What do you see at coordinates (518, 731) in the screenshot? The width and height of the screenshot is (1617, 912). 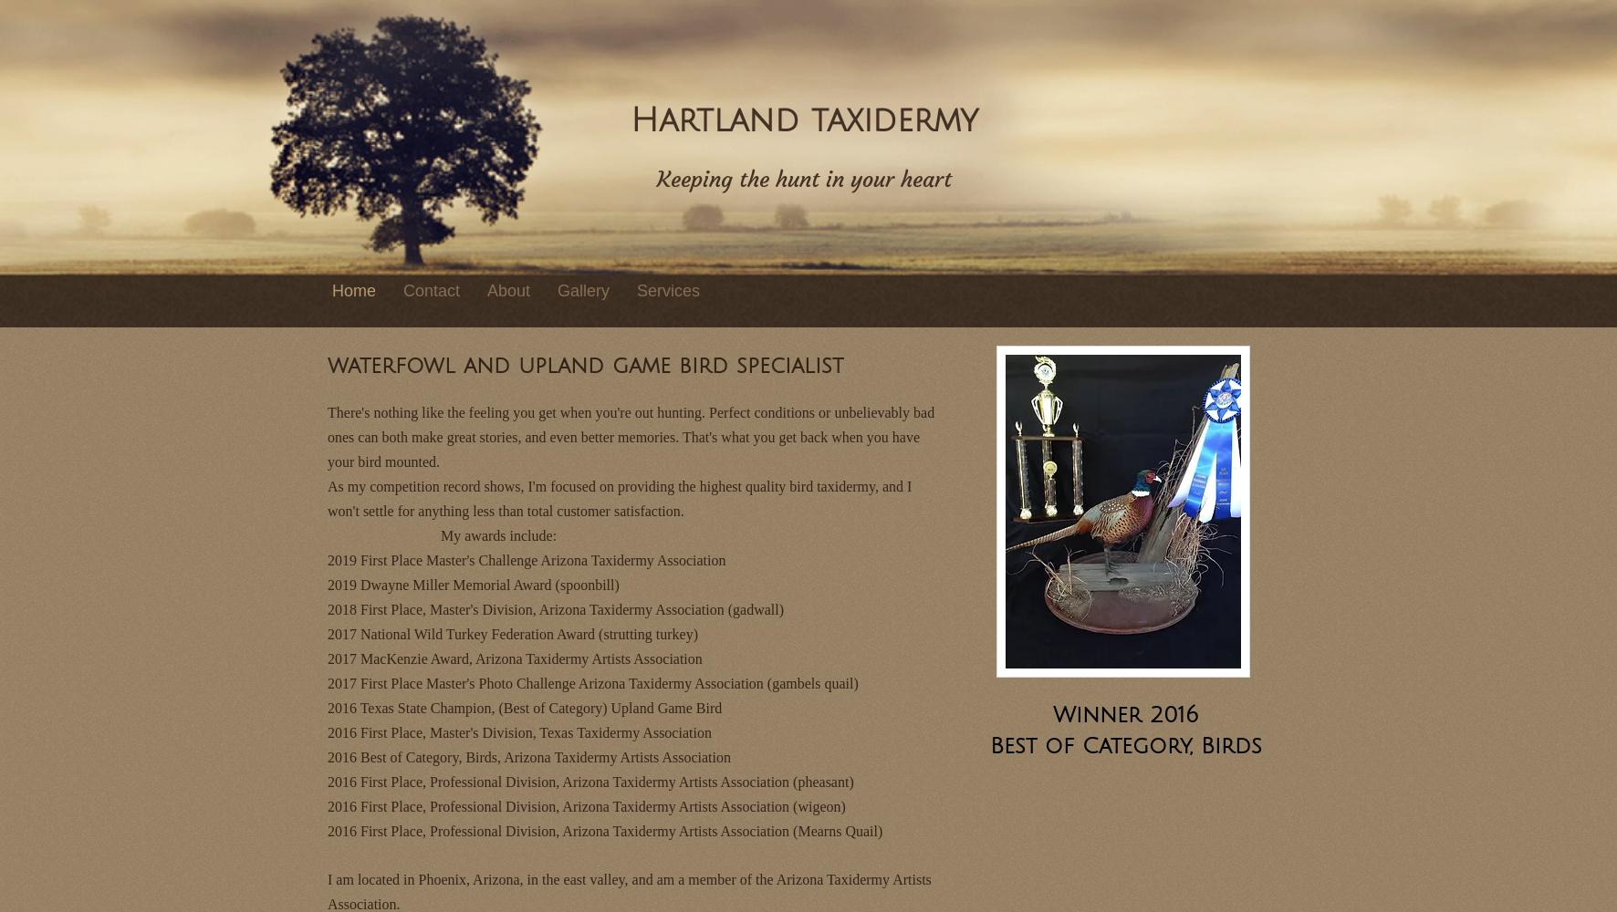 I see `'2016 First Place, Master's Division, Texas Taxidermy Association'` at bounding box center [518, 731].